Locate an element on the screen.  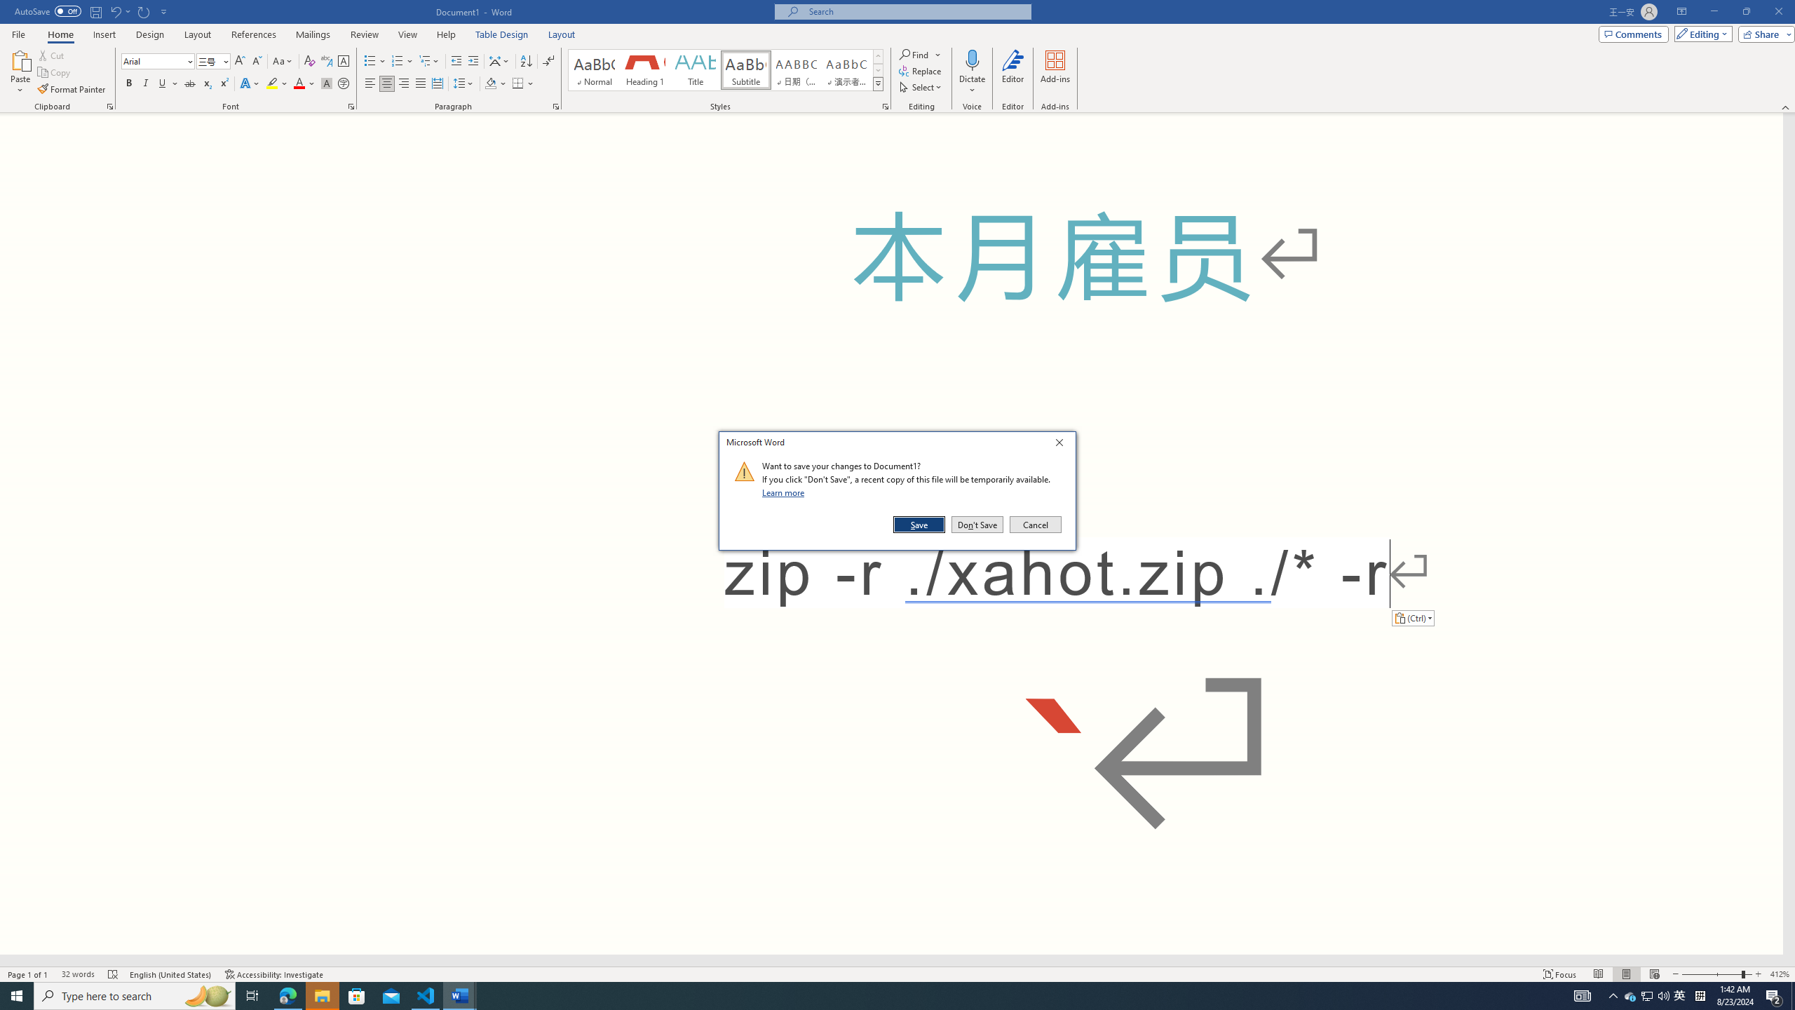
'Justify' is located at coordinates (420, 83).